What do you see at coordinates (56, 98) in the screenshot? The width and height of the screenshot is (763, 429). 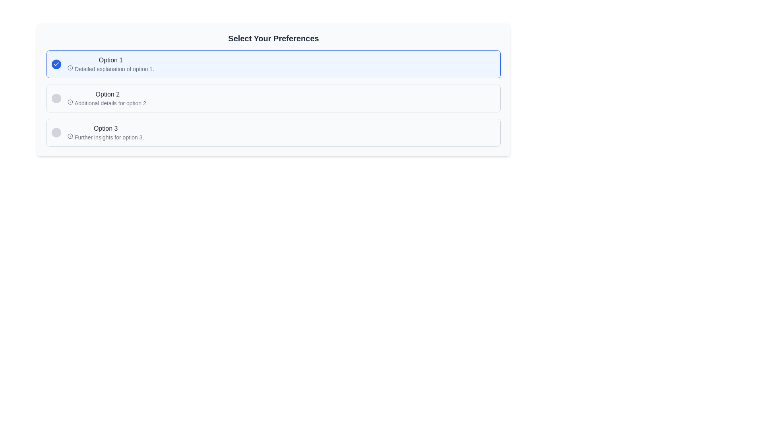 I see `the inactive decorative indicator for 'Option 2', which is the second circular element in a vertical list, located to the left of the associated text` at bounding box center [56, 98].